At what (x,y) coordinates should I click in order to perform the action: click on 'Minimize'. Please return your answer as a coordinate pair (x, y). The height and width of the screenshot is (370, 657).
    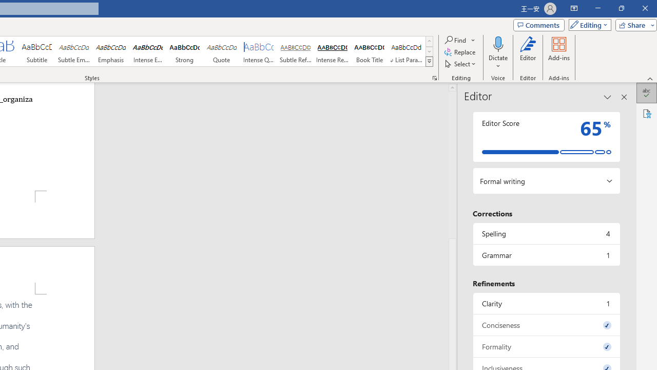
    Looking at the image, I should click on (597, 8).